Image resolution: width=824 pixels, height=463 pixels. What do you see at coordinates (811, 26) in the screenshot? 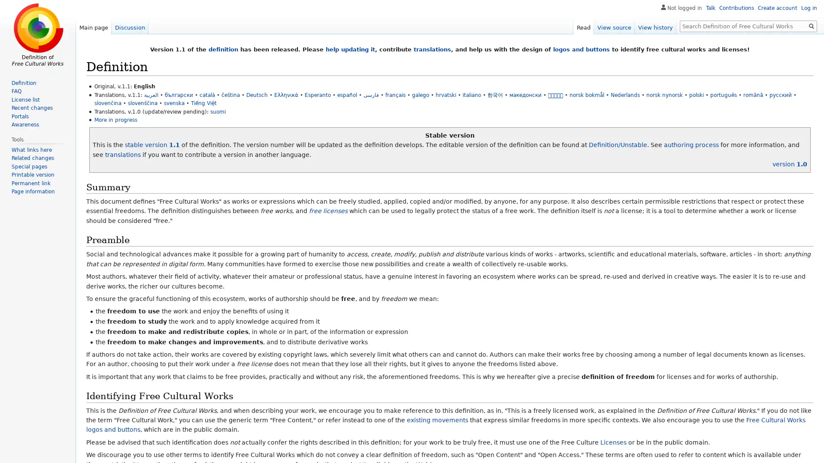
I see `Go` at bounding box center [811, 26].